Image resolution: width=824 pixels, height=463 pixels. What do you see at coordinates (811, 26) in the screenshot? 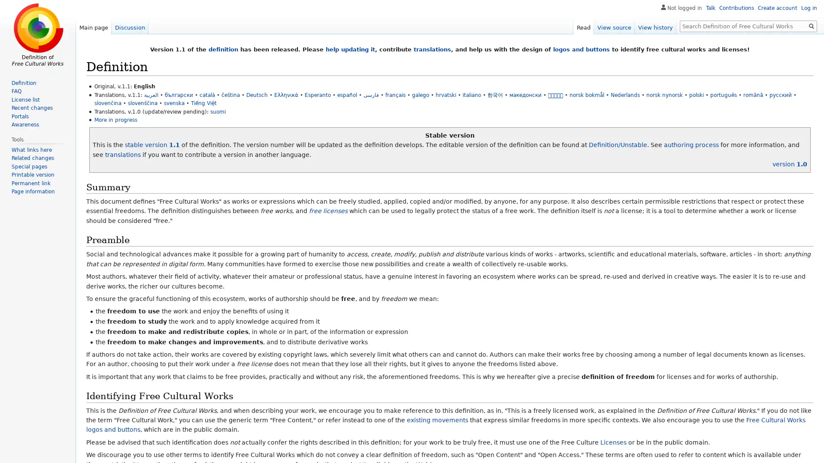
I see `Go` at bounding box center [811, 26].